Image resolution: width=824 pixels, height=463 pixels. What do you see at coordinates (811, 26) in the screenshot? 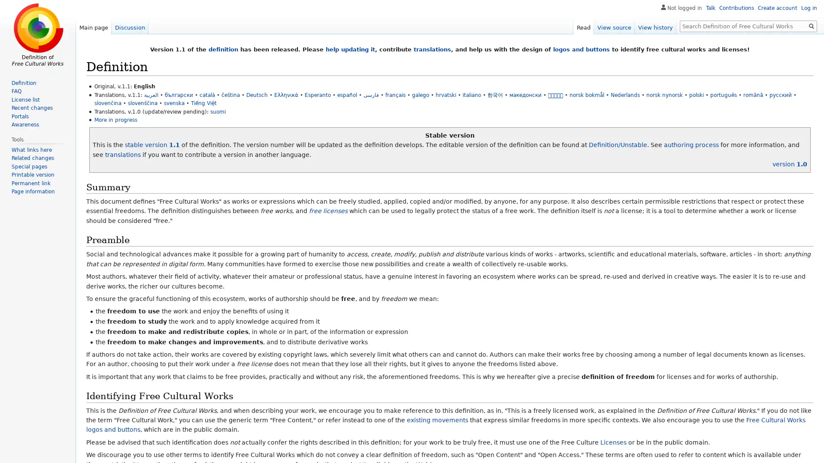
I see `Go` at bounding box center [811, 26].